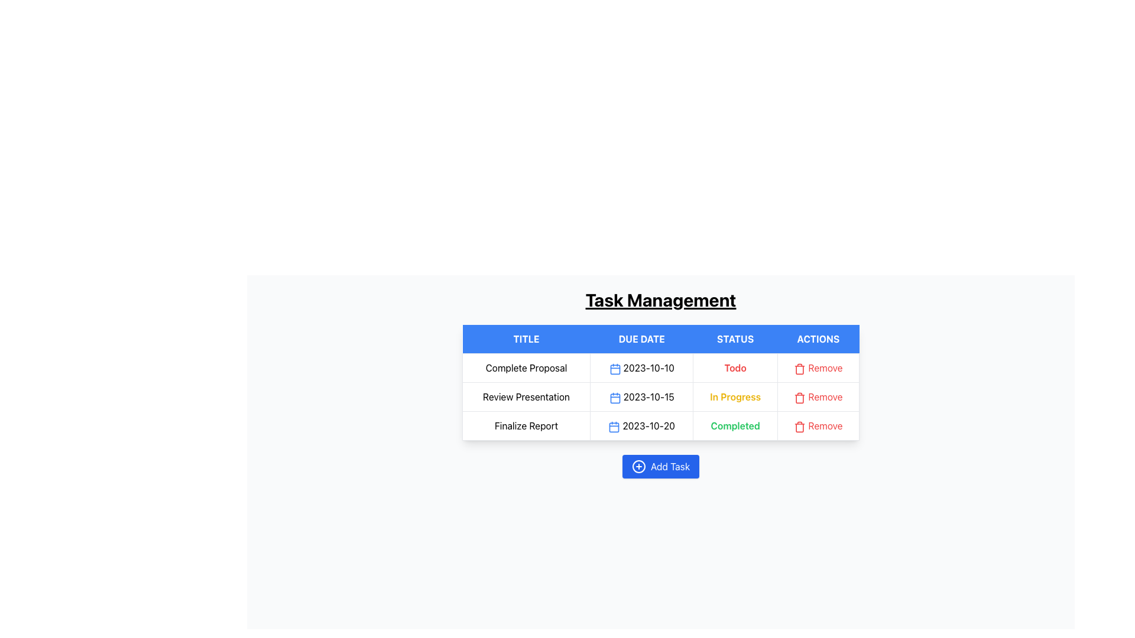 The height and width of the screenshot is (638, 1135). What do you see at coordinates (526, 426) in the screenshot?
I see `the static text cell labeled 'Finalize Report' in the leftmost column of the third row within the 'Task Management' table` at bounding box center [526, 426].